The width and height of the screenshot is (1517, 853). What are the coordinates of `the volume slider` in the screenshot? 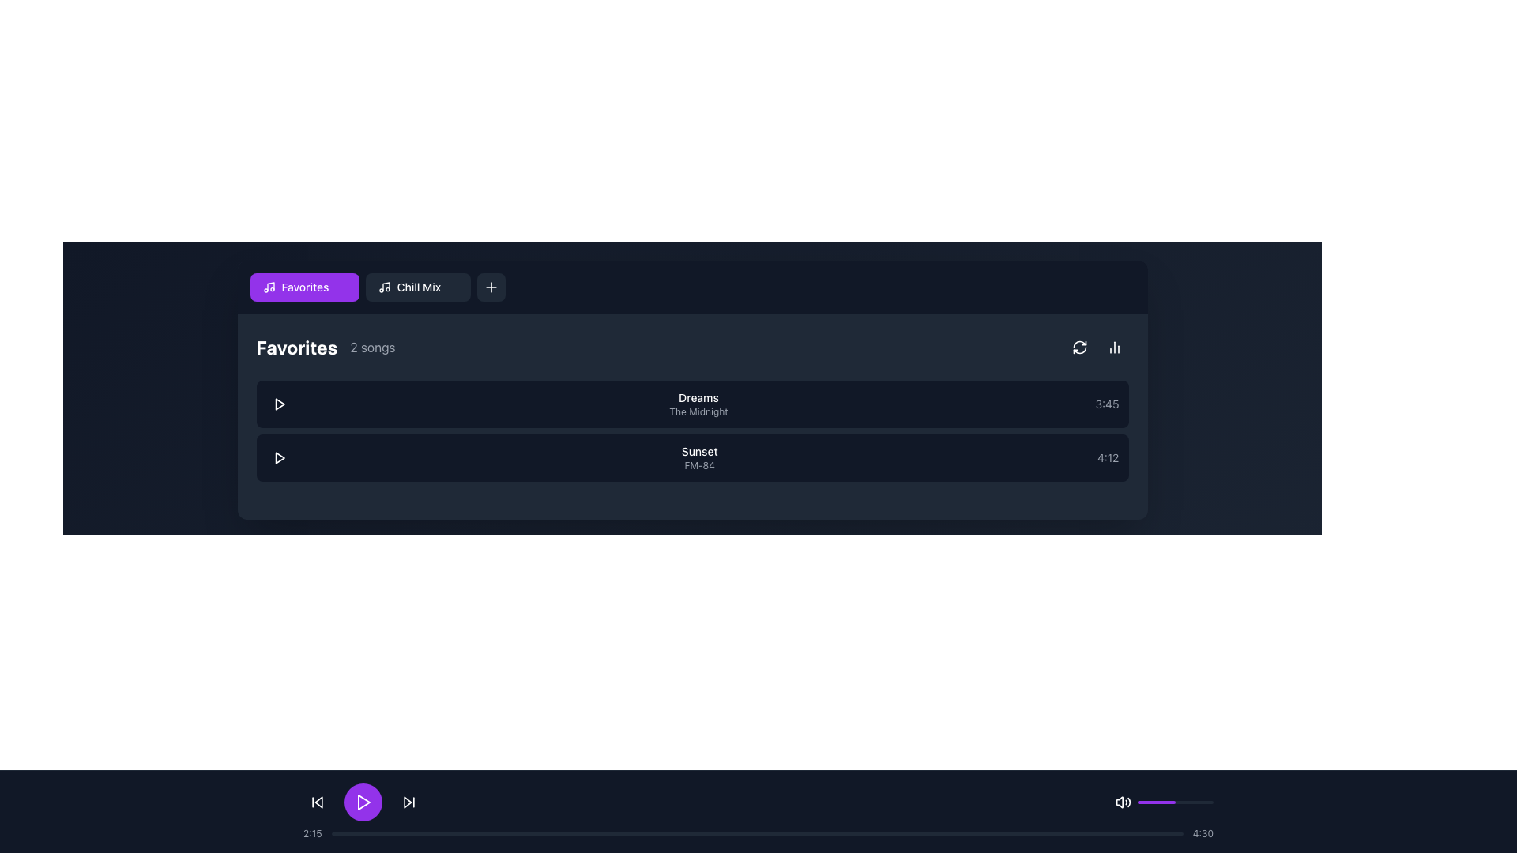 It's located at (1187, 802).